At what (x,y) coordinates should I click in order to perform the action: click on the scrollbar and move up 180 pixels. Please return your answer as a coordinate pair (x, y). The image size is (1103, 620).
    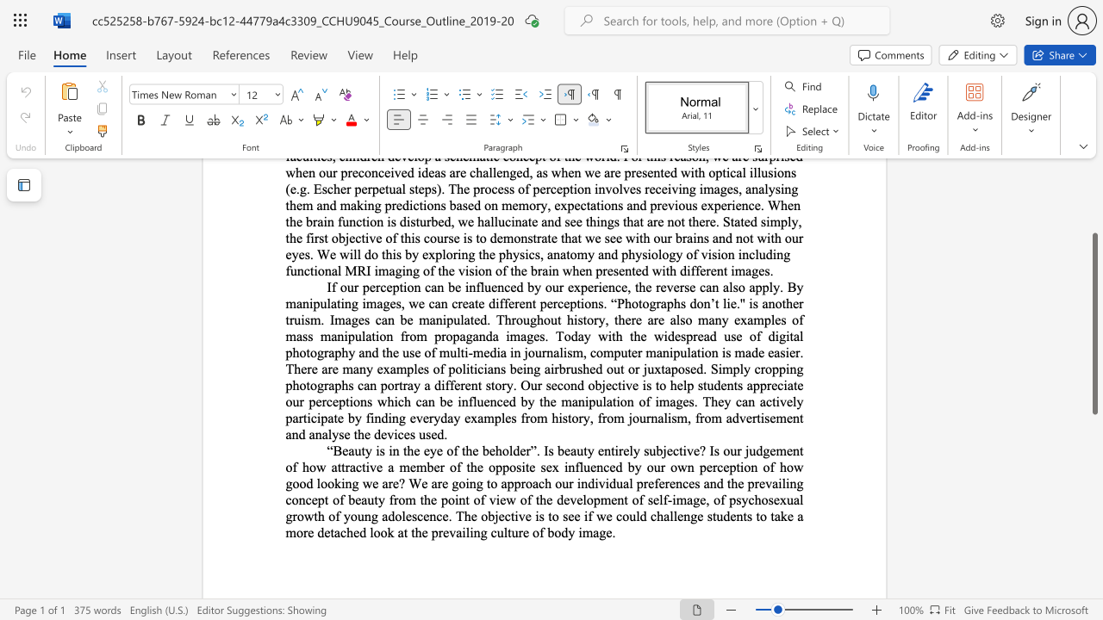
    Looking at the image, I should click on (1094, 324).